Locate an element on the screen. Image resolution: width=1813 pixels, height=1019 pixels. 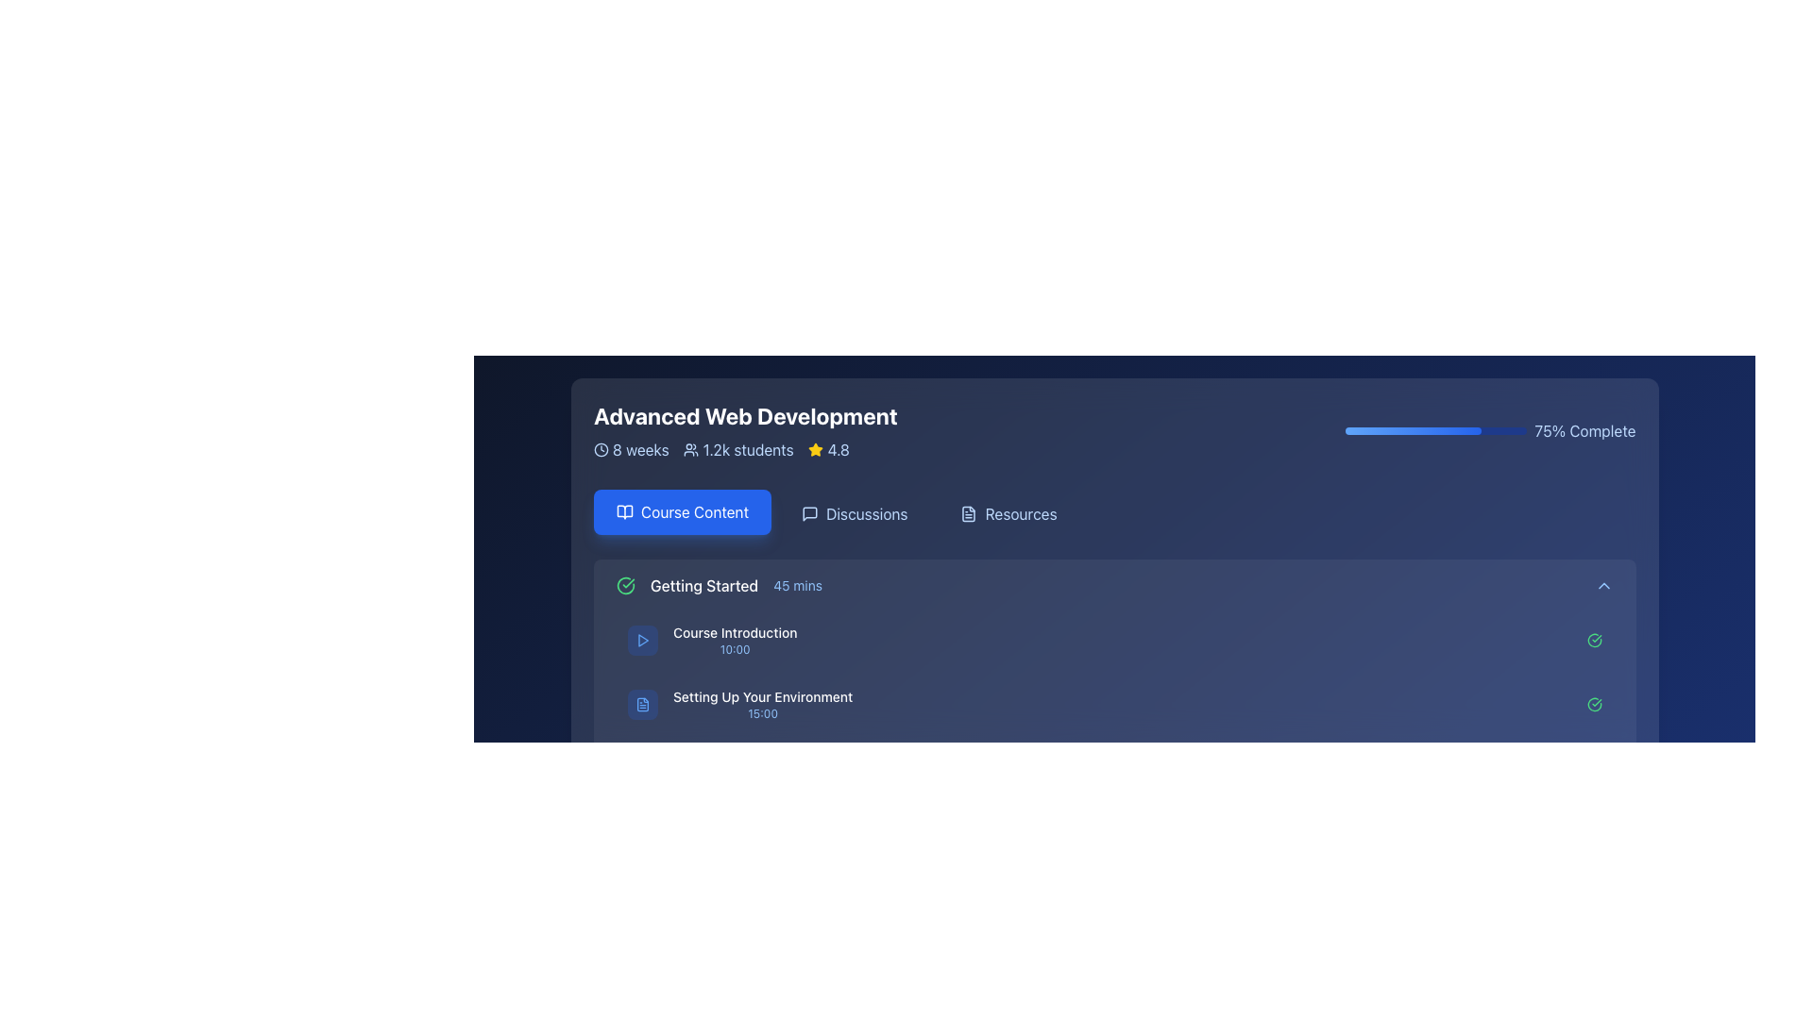
the course module summary element located below the course header 'Advanced Web Development' is located at coordinates (718, 585).